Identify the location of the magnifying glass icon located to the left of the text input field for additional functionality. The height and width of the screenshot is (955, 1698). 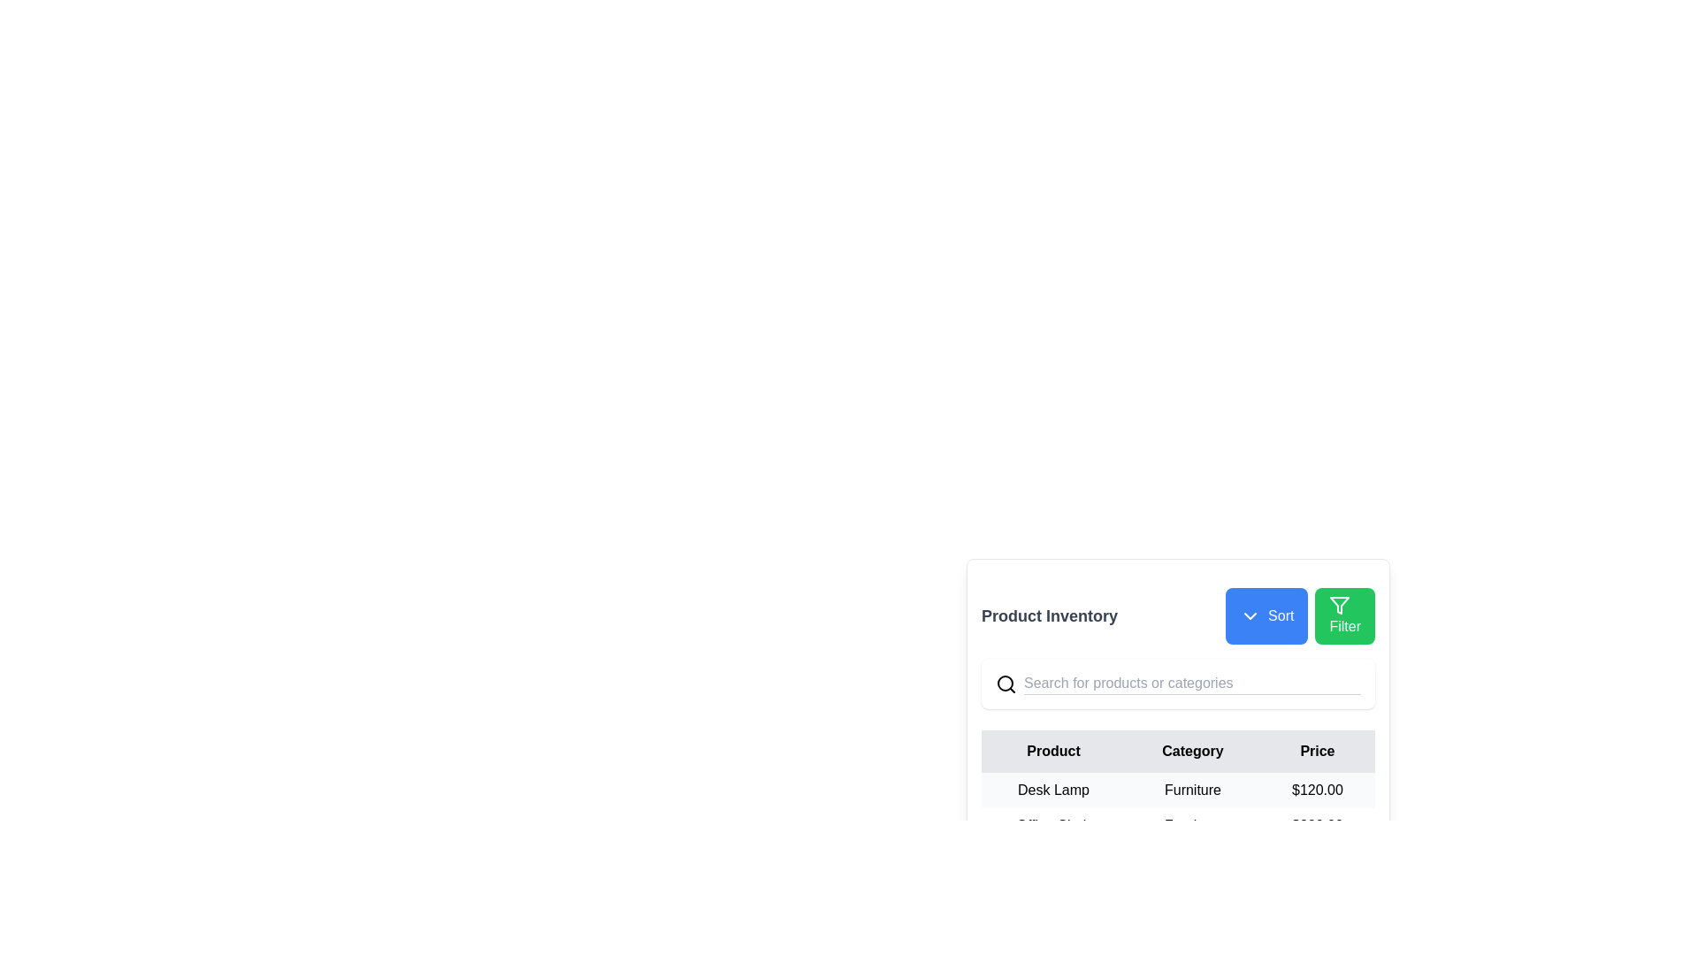
(1178, 683).